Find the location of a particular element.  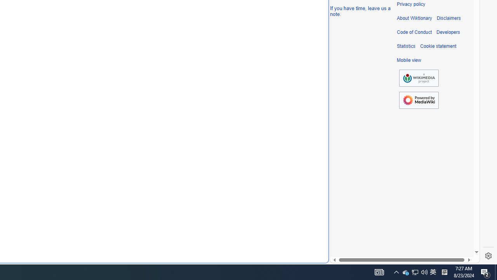

'If you have time, leave us a note.' is located at coordinates (360, 11).